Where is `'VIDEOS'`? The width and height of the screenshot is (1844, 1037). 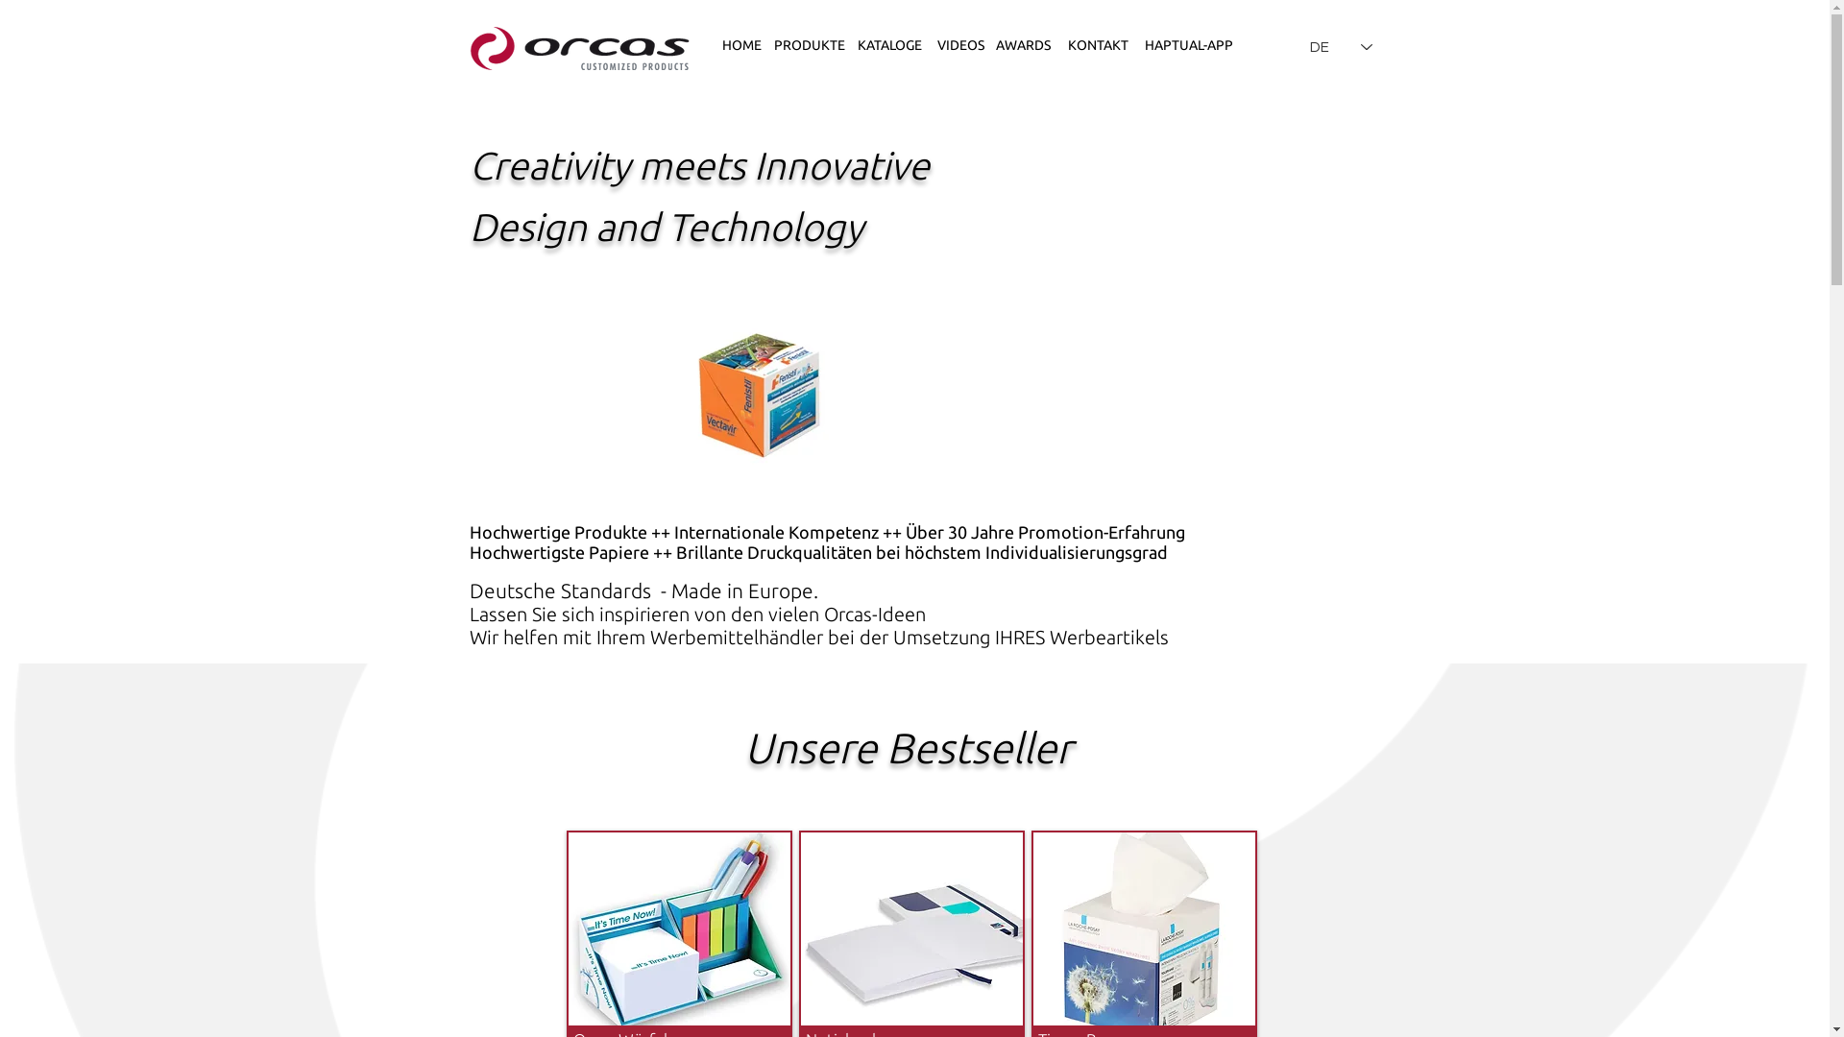
'VIDEOS' is located at coordinates (960, 44).